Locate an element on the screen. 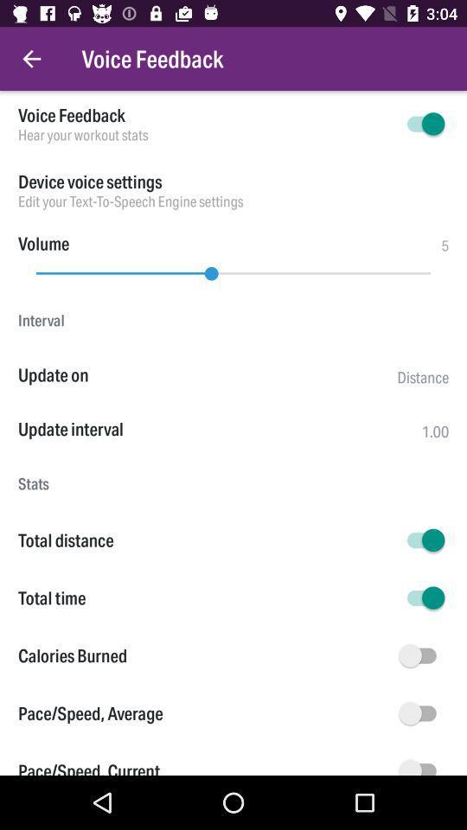 This screenshot has height=830, width=467. the item above the stats is located at coordinates (220, 428).